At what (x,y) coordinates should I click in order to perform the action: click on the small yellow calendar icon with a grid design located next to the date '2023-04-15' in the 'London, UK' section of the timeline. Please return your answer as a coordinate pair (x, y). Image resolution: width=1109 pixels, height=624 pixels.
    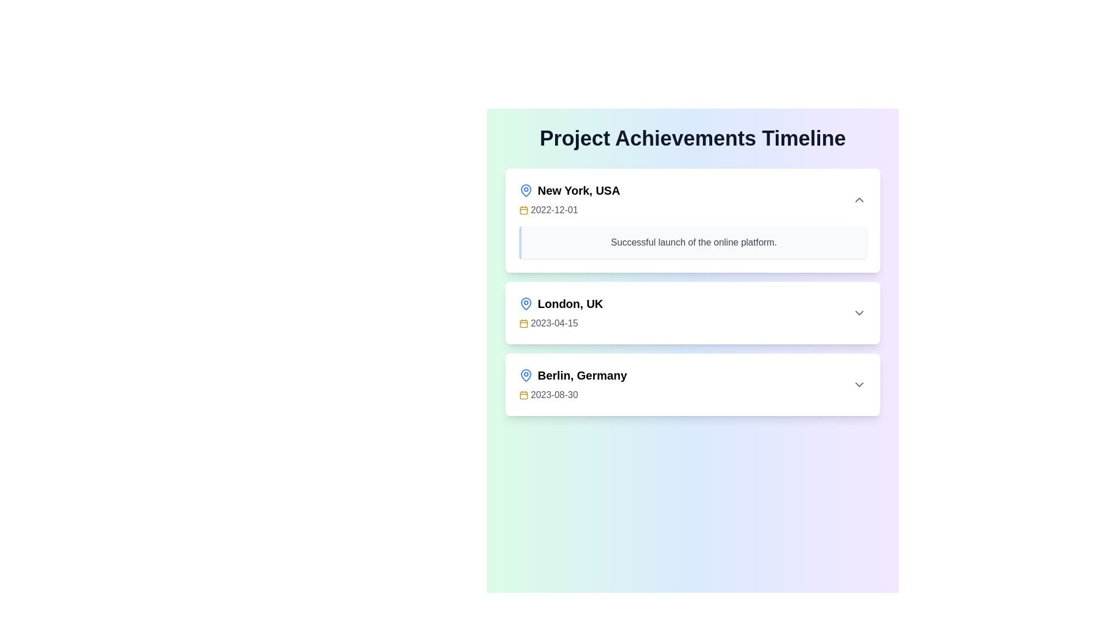
    Looking at the image, I should click on (523, 323).